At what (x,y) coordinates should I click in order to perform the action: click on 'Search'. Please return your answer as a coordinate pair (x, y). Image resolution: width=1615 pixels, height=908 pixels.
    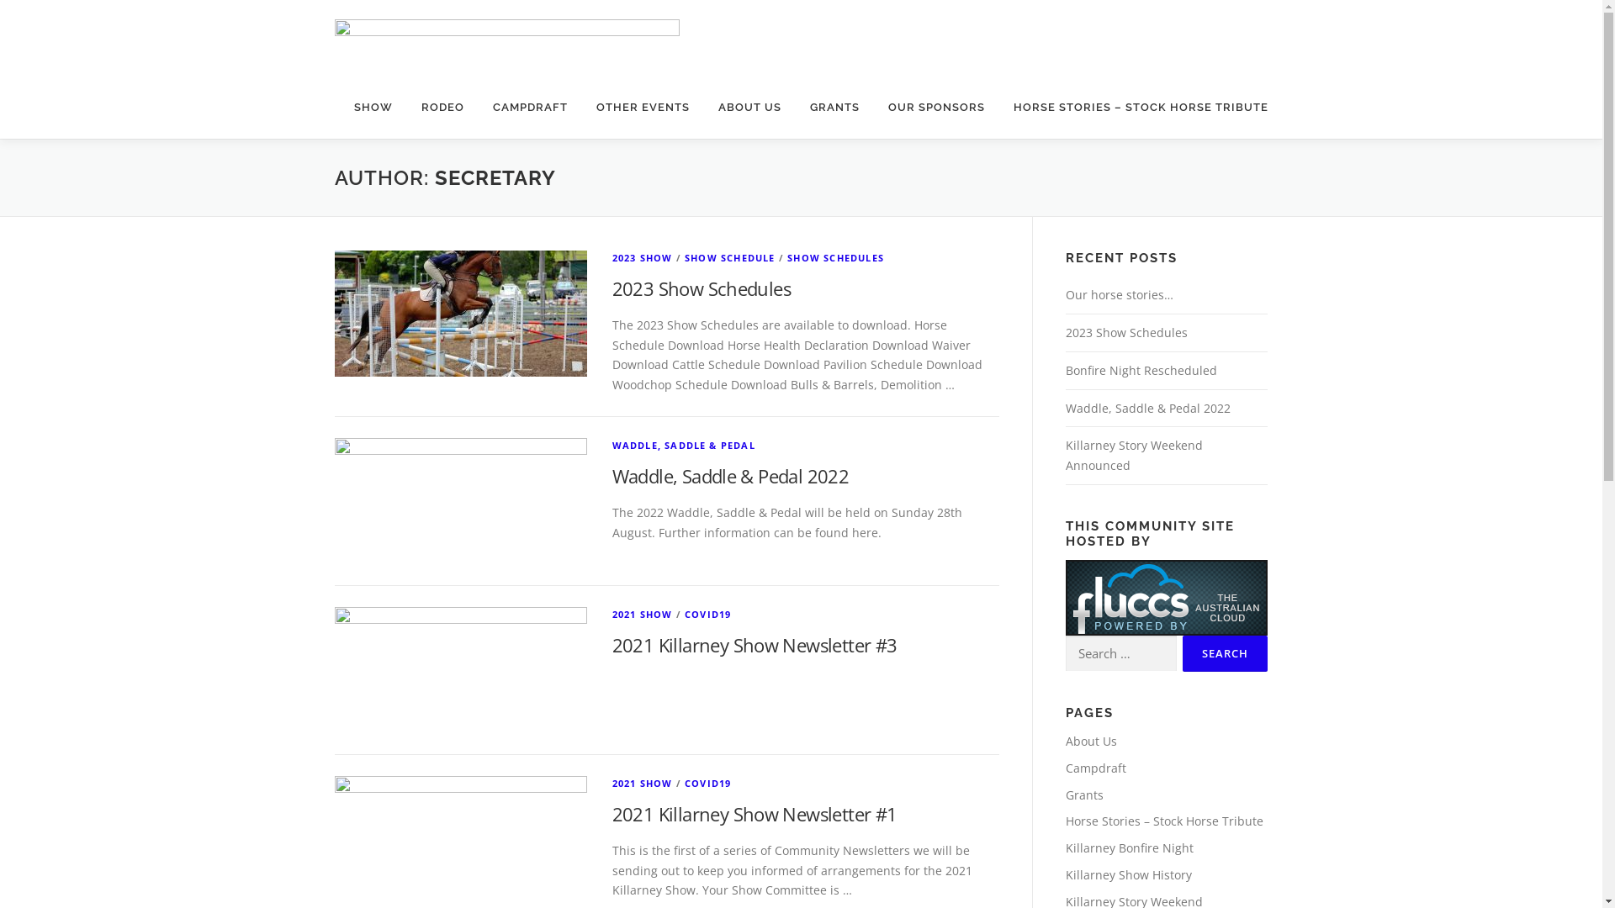
    Looking at the image, I should click on (1182, 652).